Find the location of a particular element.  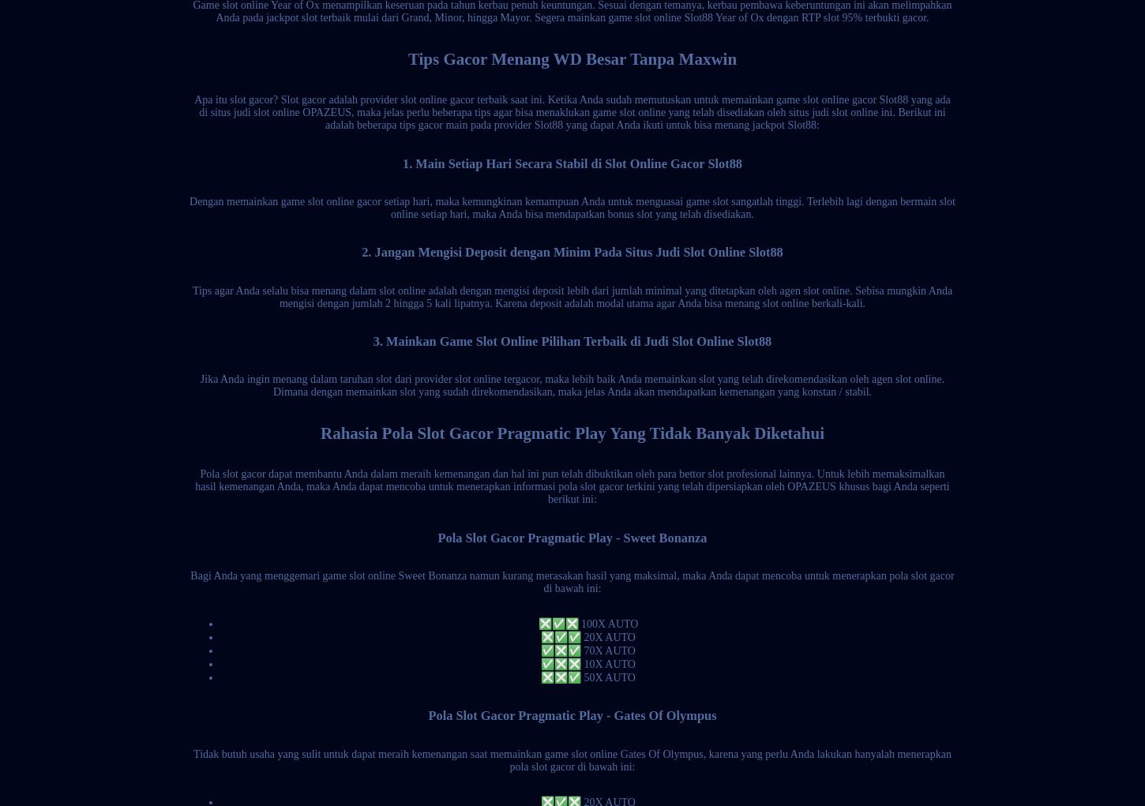

'❎✅✅ 20X AUTO' is located at coordinates (588, 635).